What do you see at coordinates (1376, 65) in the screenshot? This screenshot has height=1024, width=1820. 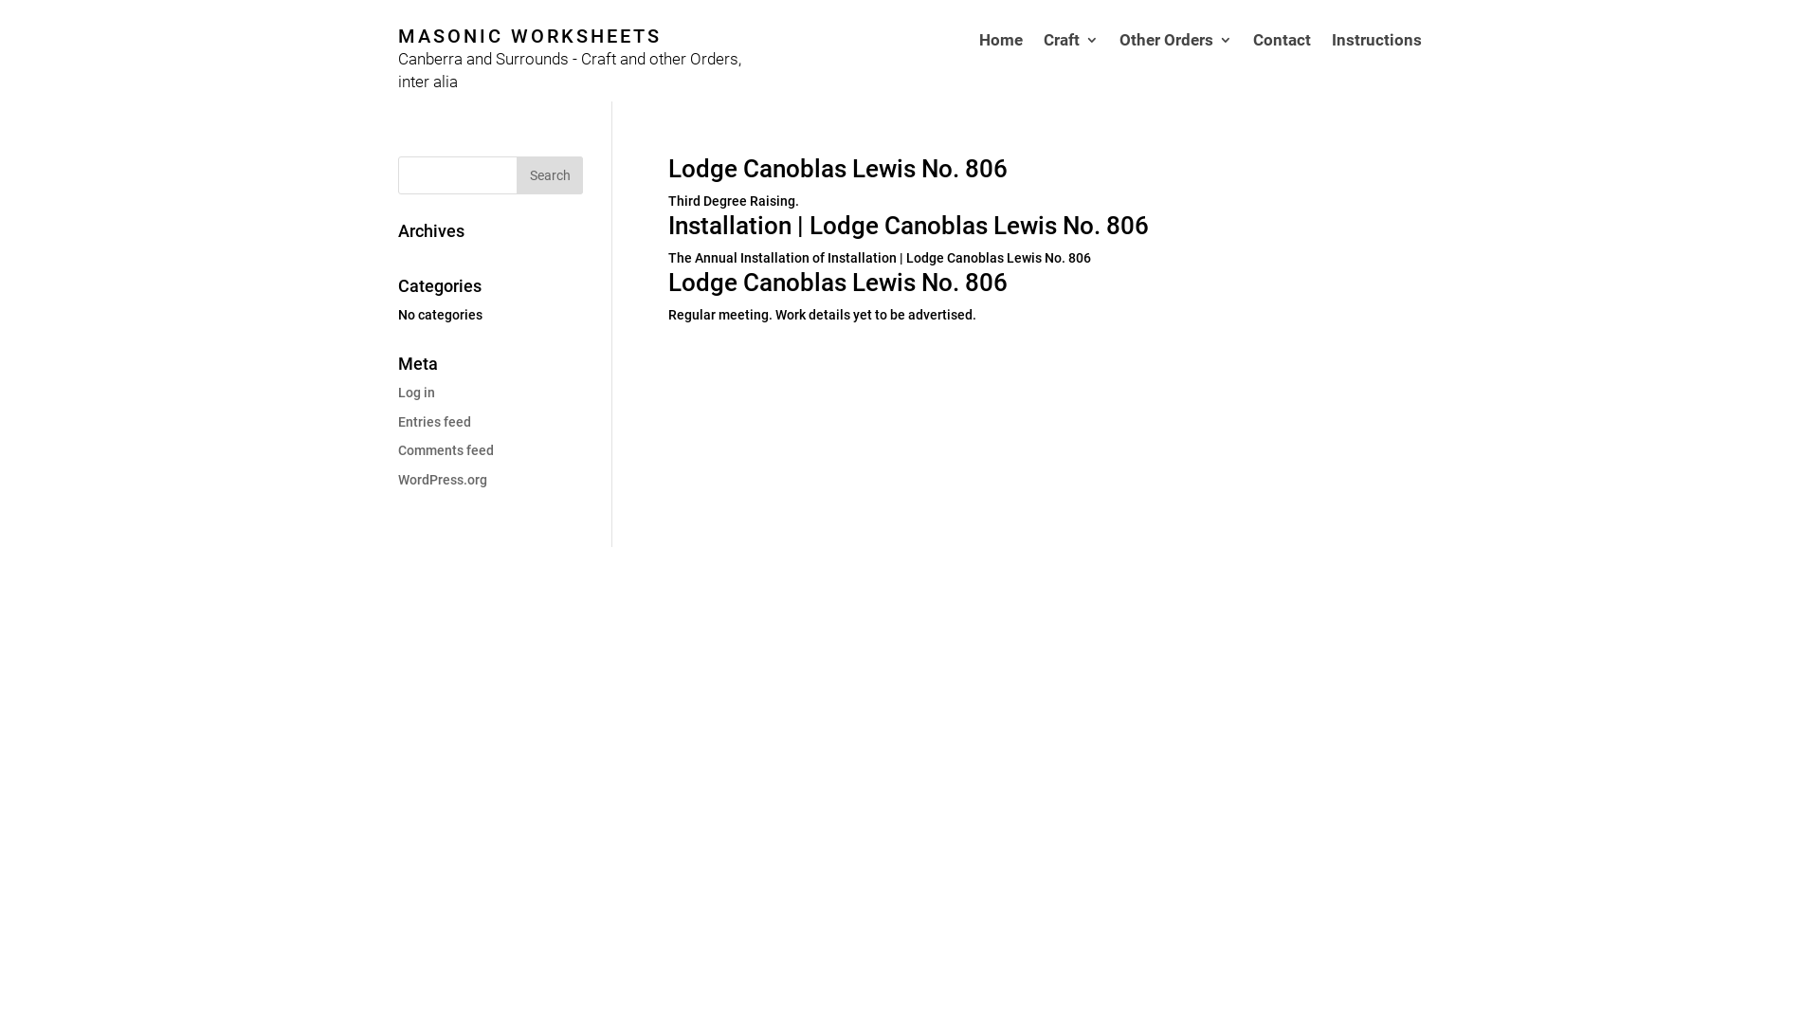 I see `'Instructions'` at bounding box center [1376, 65].